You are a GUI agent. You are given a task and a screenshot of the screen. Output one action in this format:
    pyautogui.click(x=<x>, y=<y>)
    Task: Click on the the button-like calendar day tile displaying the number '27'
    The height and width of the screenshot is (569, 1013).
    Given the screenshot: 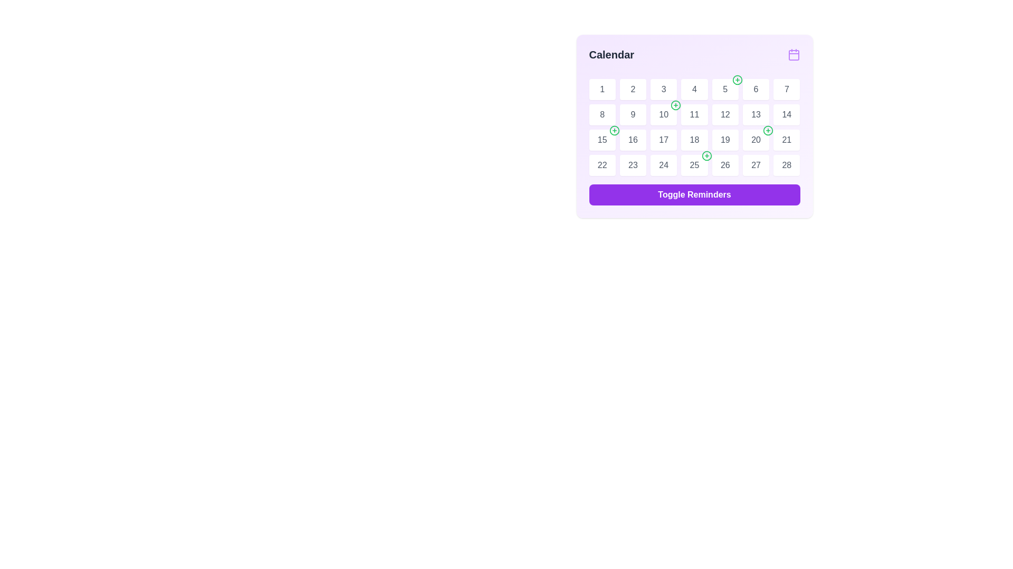 What is the action you would take?
    pyautogui.click(x=756, y=165)
    